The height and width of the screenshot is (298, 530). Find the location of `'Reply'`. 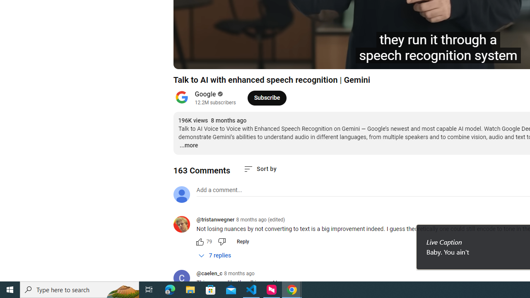

'Reply' is located at coordinates (242, 241).